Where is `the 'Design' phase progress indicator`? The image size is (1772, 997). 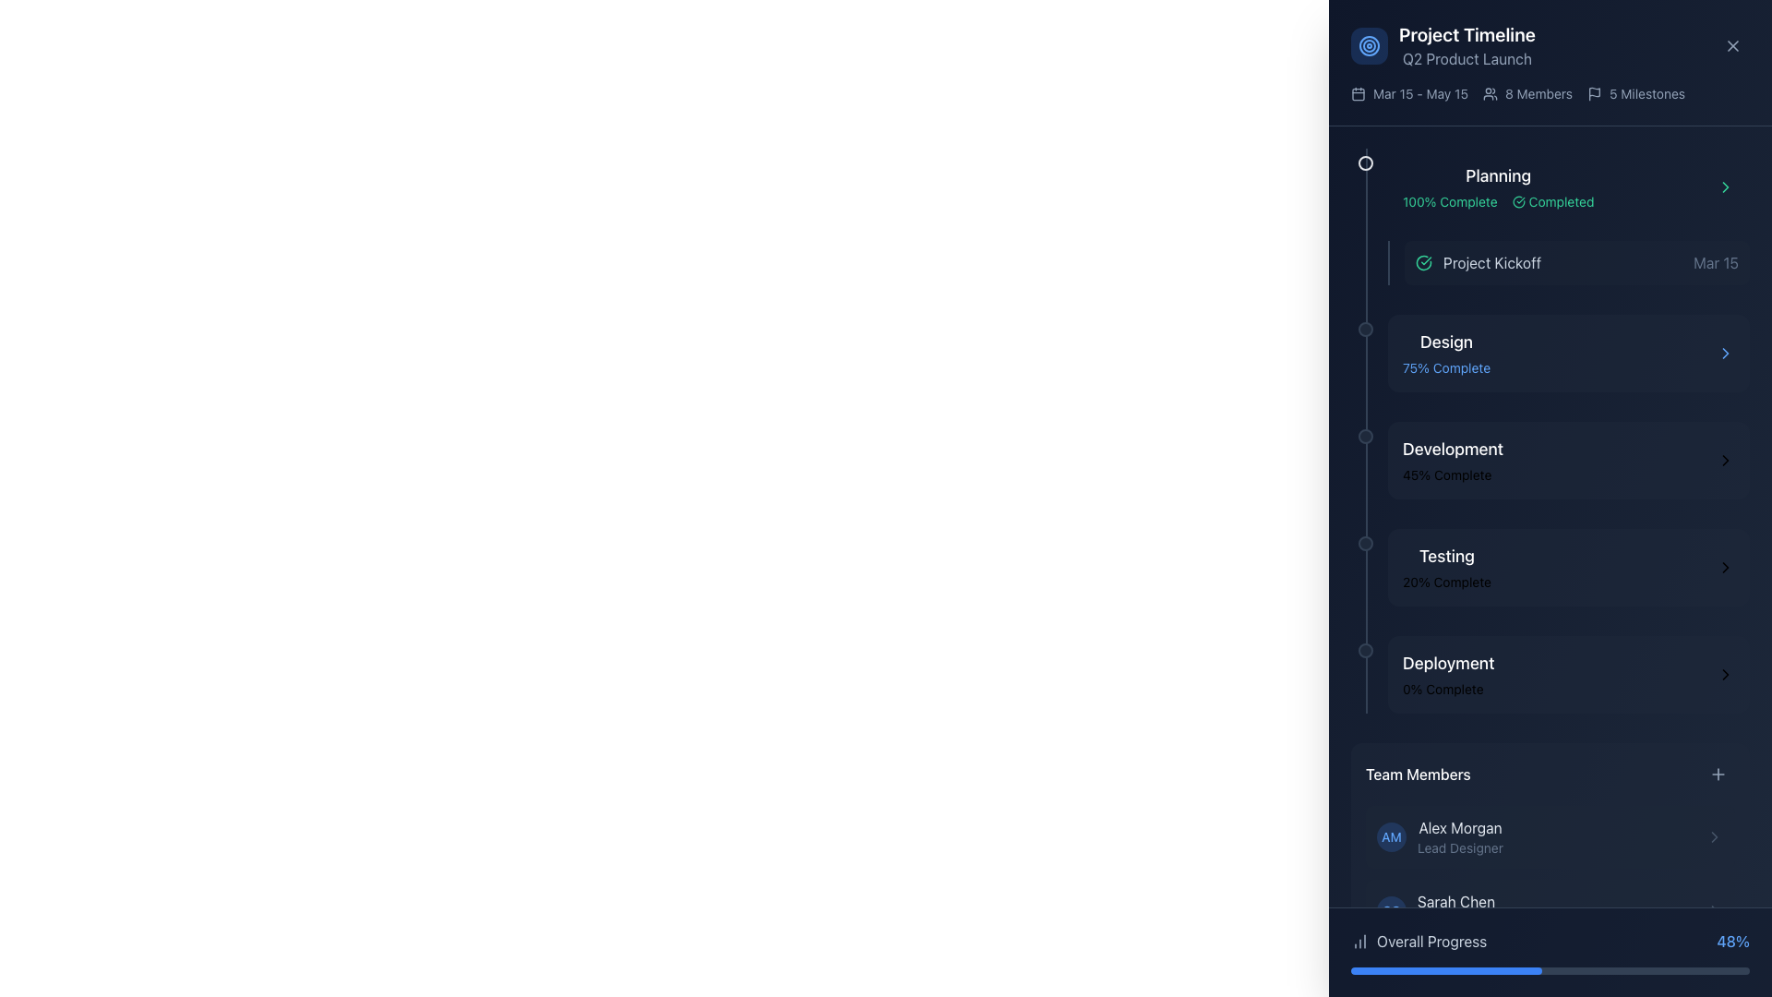
the 'Design' phase progress indicator is located at coordinates (1550, 353).